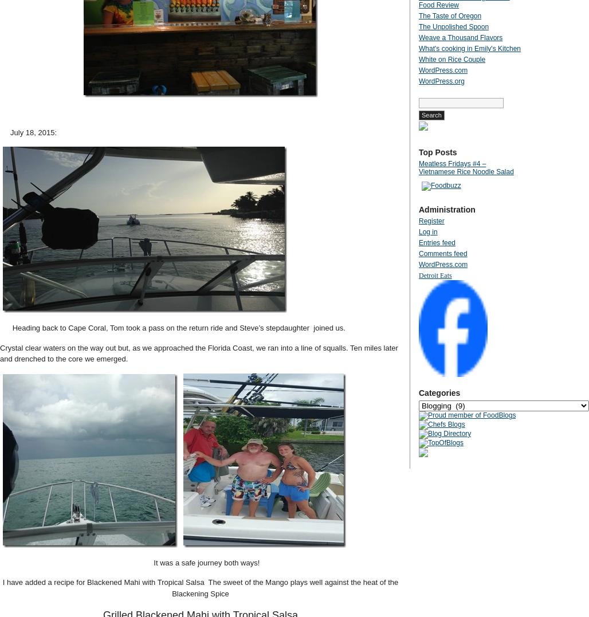  I want to click on 'Categories', so click(418, 392).